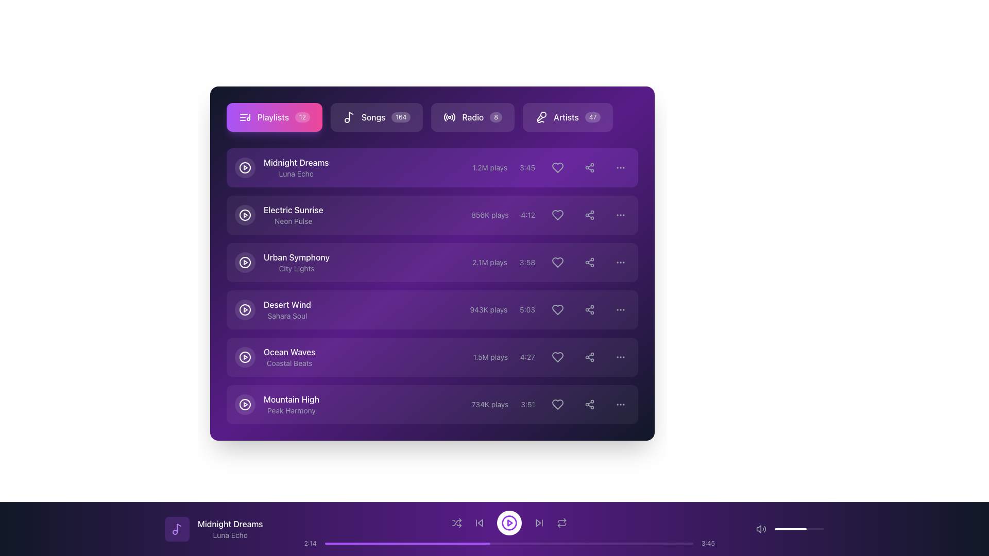 This screenshot has width=989, height=556. Describe the element at coordinates (557, 167) in the screenshot. I see `the heart-shaped icon button outlined in white, located to the right of the '3:45' time label for the song 'Midnight Dreams', to mark it as favorite` at that location.